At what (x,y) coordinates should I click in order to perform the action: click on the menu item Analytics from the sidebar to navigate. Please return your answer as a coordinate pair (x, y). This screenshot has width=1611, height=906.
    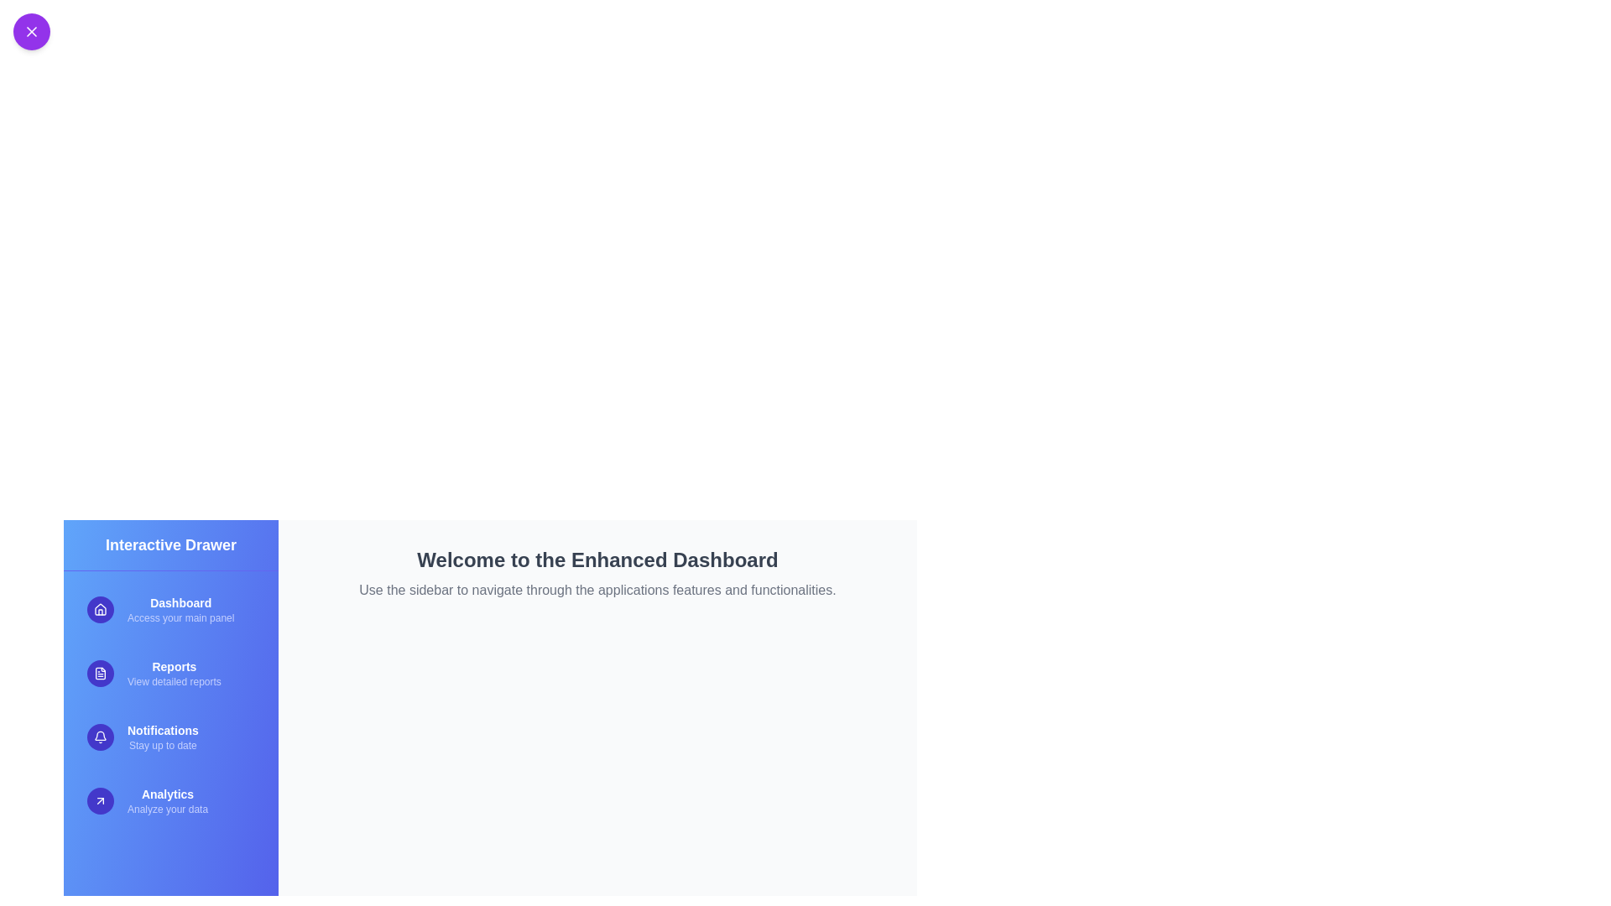
    Looking at the image, I should click on (170, 800).